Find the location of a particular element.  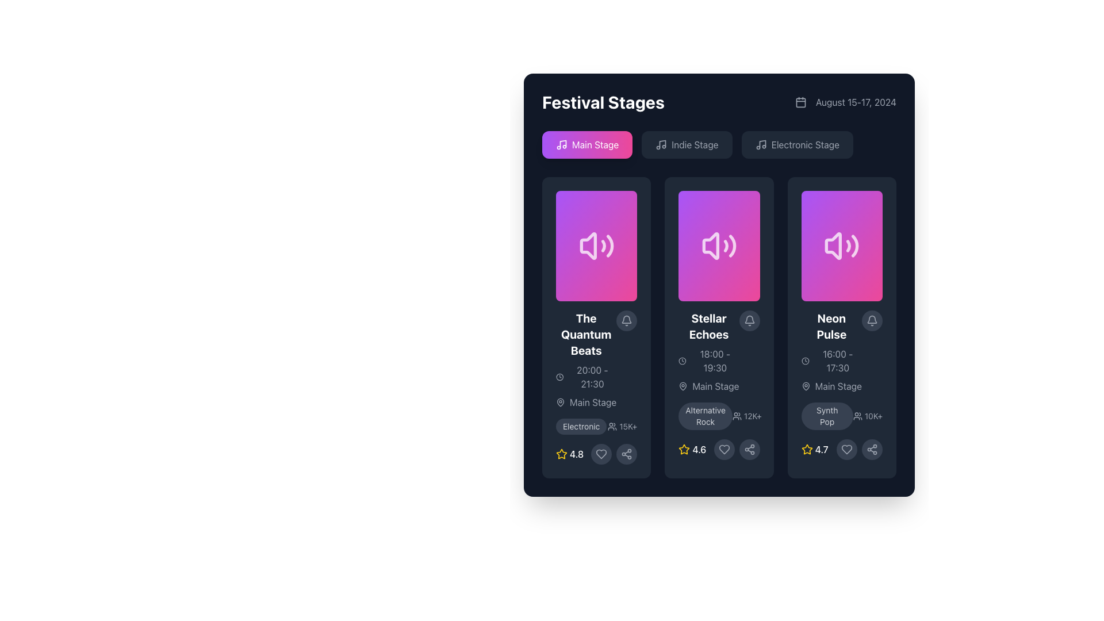

the 'Stellar Echoes' information card, which is a panel with a dark background and rounded corners is located at coordinates (719, 328).